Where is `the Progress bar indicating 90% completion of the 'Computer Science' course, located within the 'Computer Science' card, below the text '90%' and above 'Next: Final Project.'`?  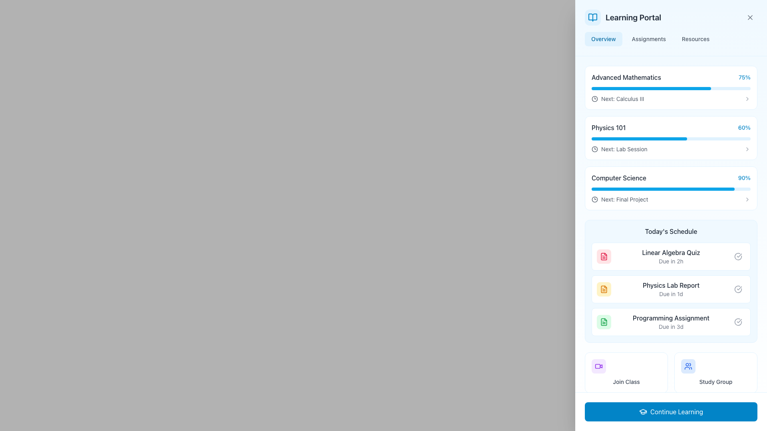 the Progress bar indicating 90% completion of the 'Computer Science' course, located within the 'Computer Science' card, below the text '90%' and above 'Next: Final Project.' is located at coordinates (671, 189).